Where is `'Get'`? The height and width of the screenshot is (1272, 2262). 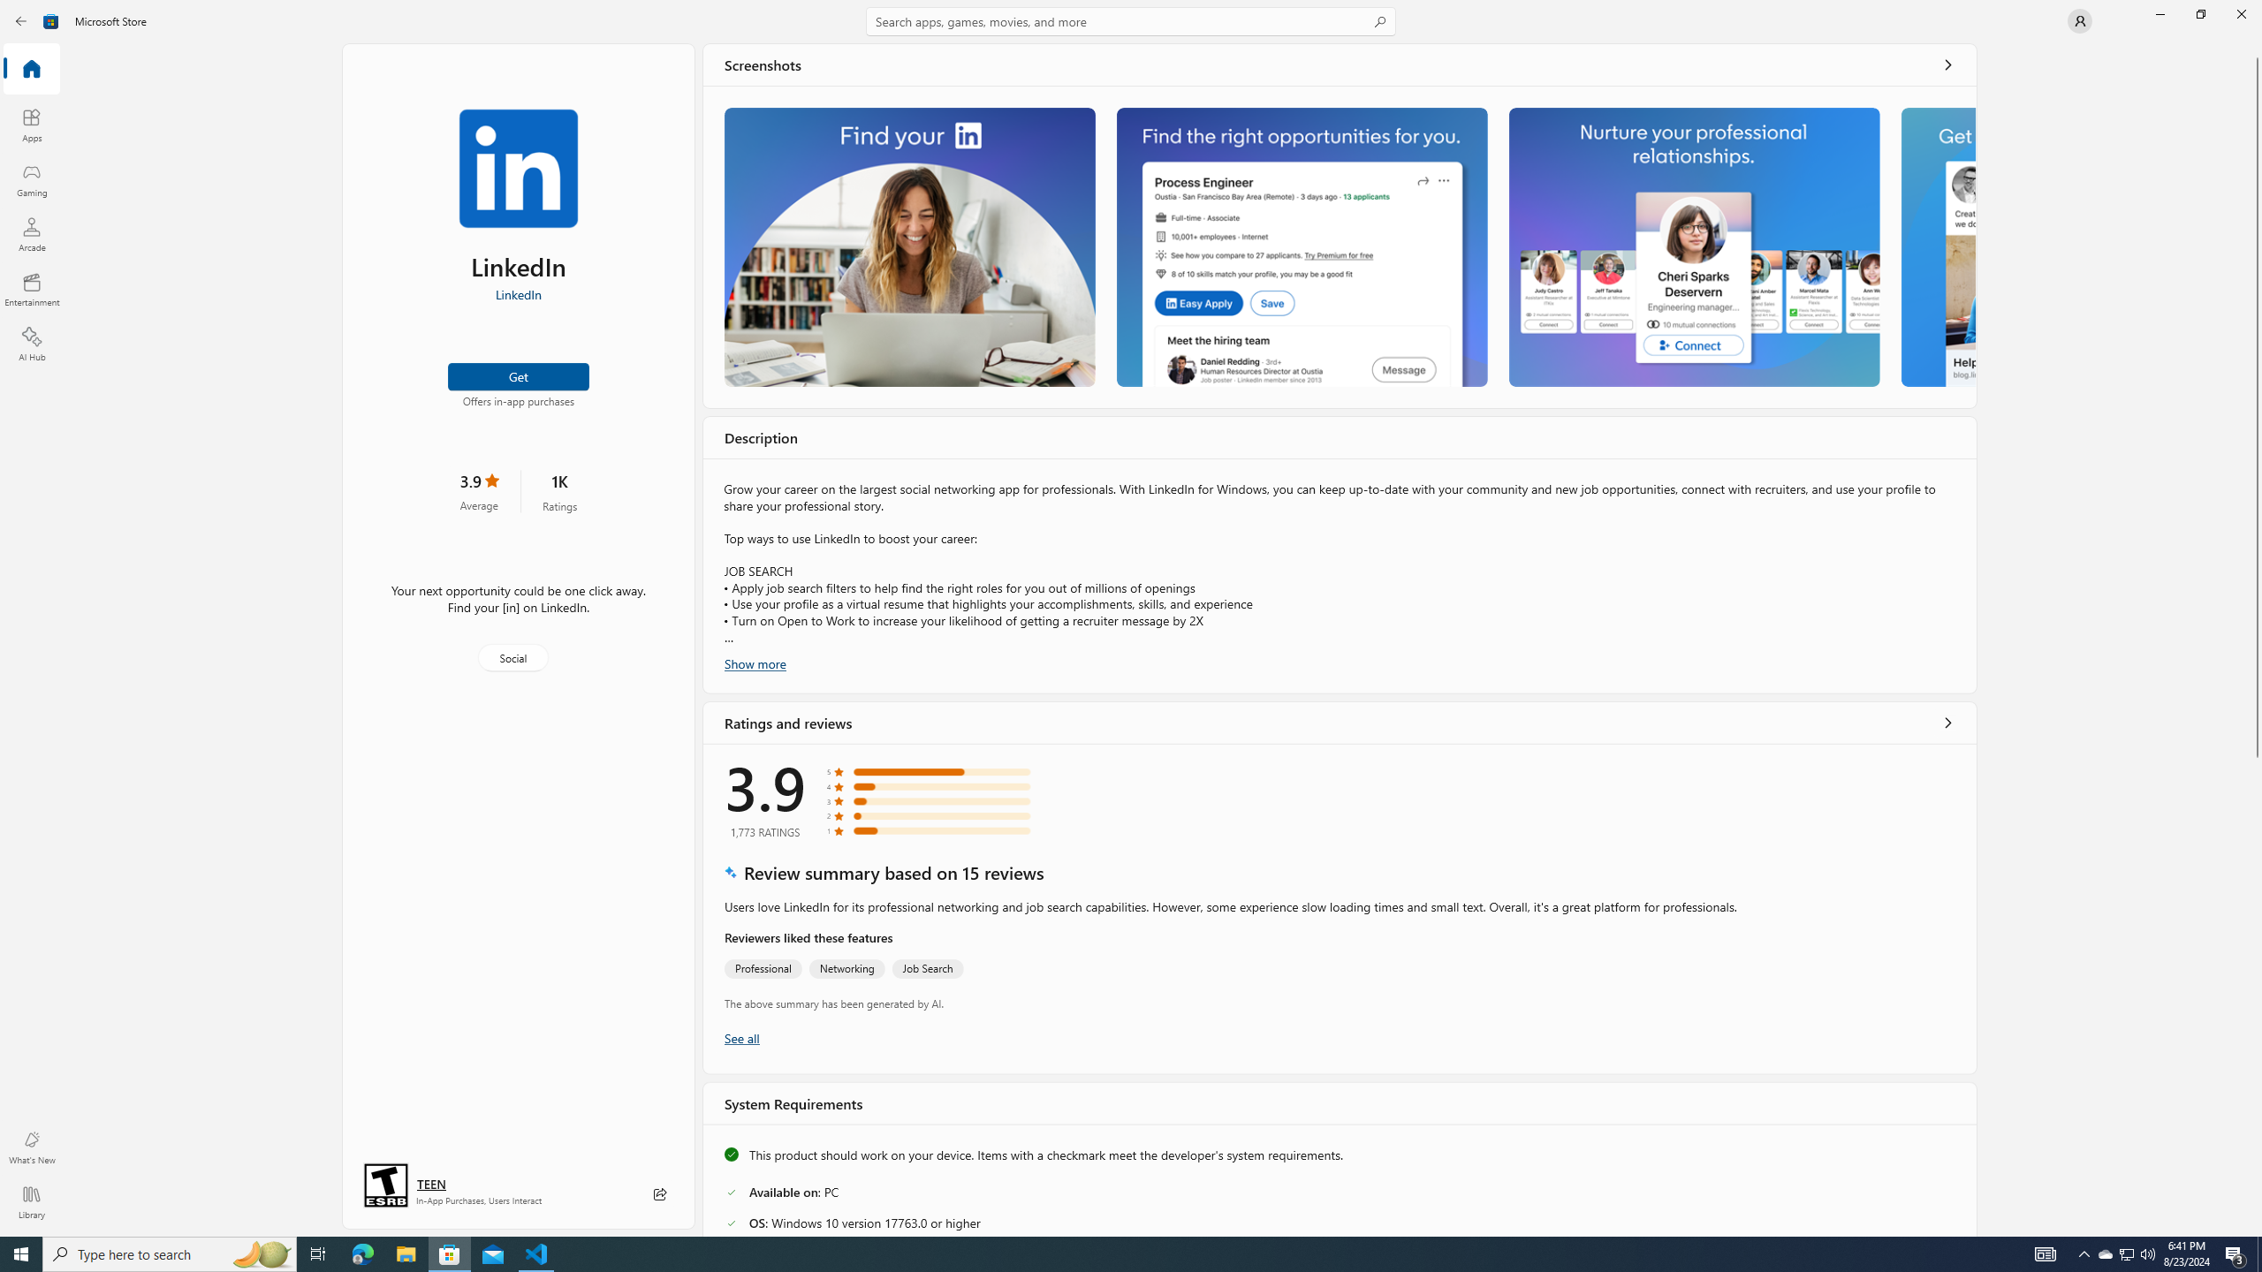
'Get' is located at coordinates (519, 375).